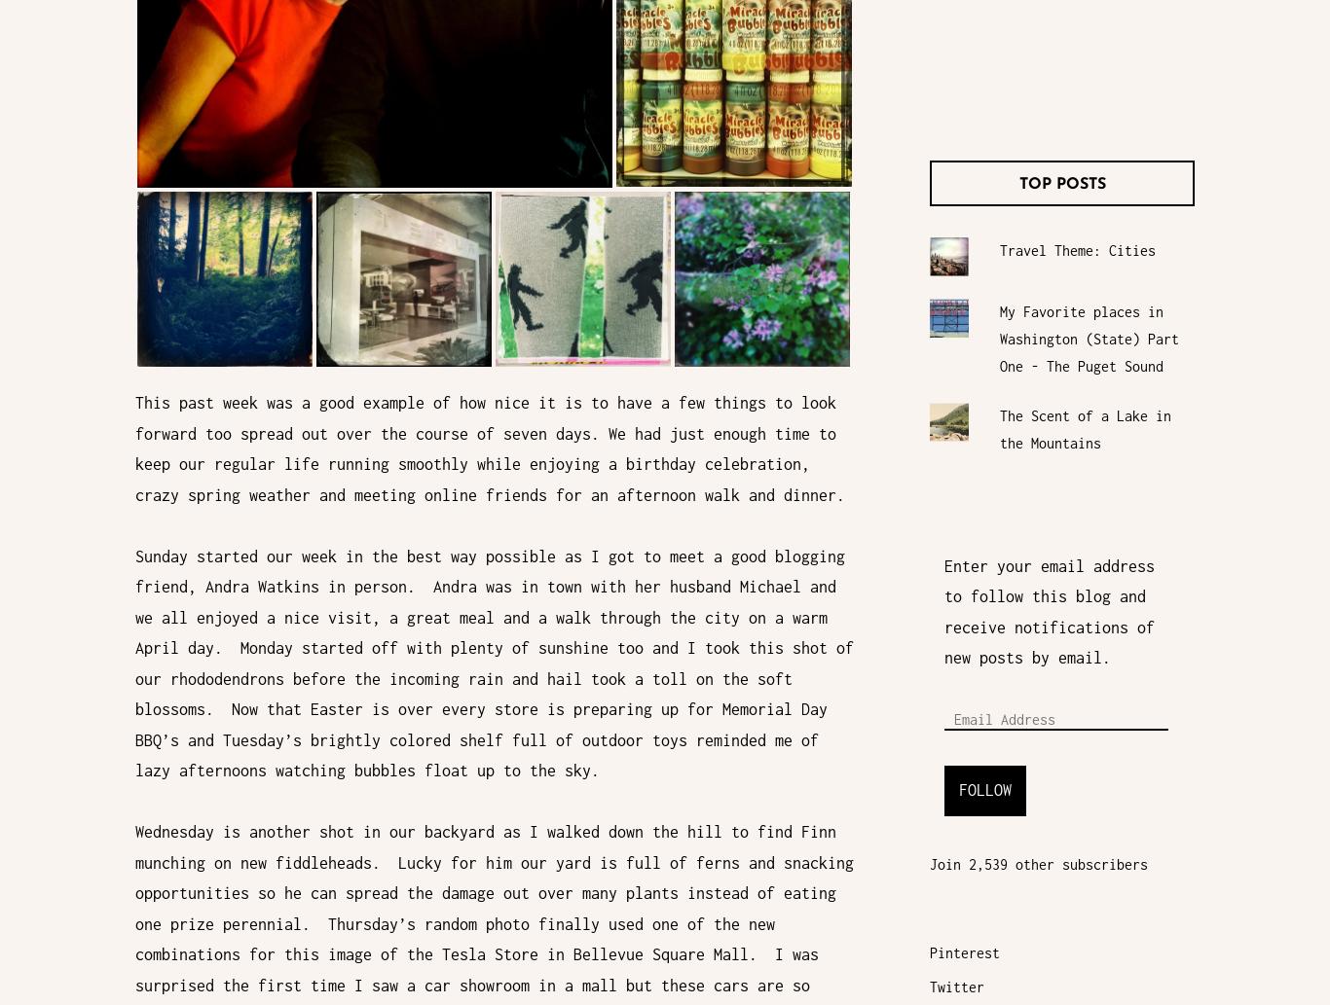 Image resolution: width=1330 pixels, height=1005 pixels. What do you see at coordinates (495, 662) in the screenshot?
I see `'Sunday started our week in the best way possible as I got to meet a good blogging friend, Andra Watkins in person.  Andra was in town with her husband Michael and we all enjoyed a nice visit, a great meal and a walk through the city on a warm April day.  Monday started off with plenty of sunshine too and I took this shot of our rhododendrons before the incoming rain and hail took a toll on the soft blossoms.  Now that Easter is over every store is preparing up for Memorial Day BBQ’s and Tuesday’s brightly colored shelf full of outdoor toys reminded me of lazy afternoons watching bubbles float up to the sky.'` at bounding box center [495, 662].